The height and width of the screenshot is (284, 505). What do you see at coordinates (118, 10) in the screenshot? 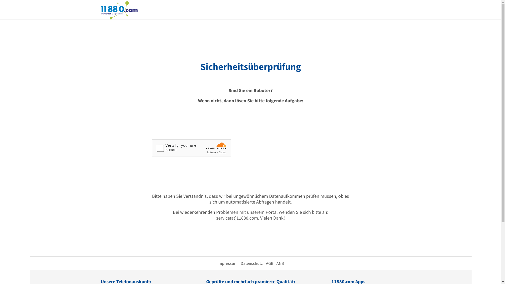
I see `'11880.com'` at bounding box center [118, 10].